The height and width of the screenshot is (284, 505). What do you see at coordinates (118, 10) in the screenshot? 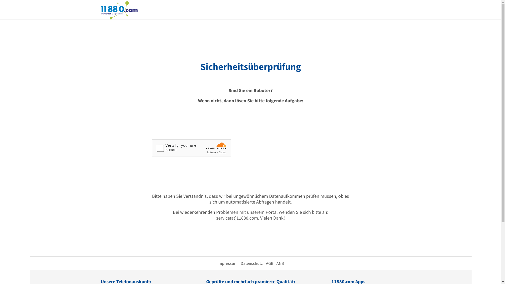
I see `'11880.com'` at bounding box center [118, 10].